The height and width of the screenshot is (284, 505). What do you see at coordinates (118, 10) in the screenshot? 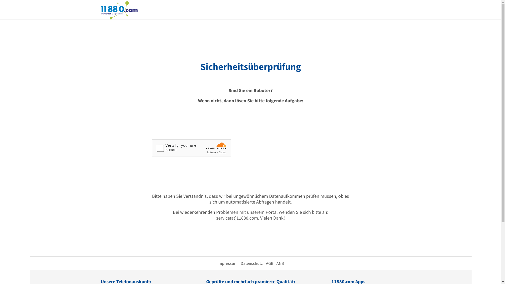
I see `'11880.com'` at bounding box center [118, 10].